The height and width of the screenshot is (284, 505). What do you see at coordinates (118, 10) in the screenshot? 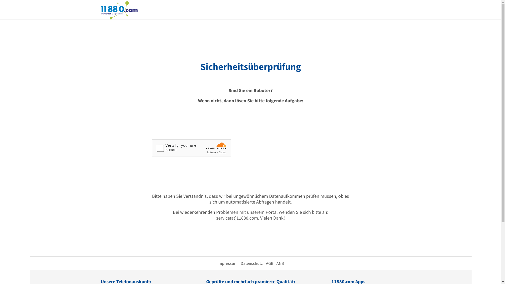
I see `'11880.com'` at bounding box center [118, 10].